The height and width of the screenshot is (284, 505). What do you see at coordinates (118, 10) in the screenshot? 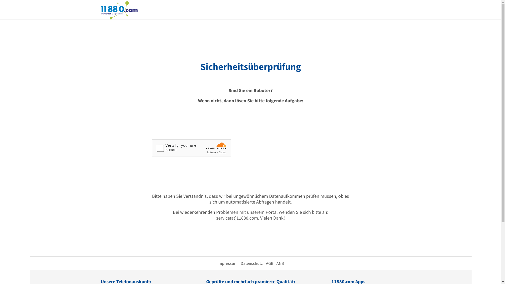
I see `'11880.com'` at bounding box center [118, 10].